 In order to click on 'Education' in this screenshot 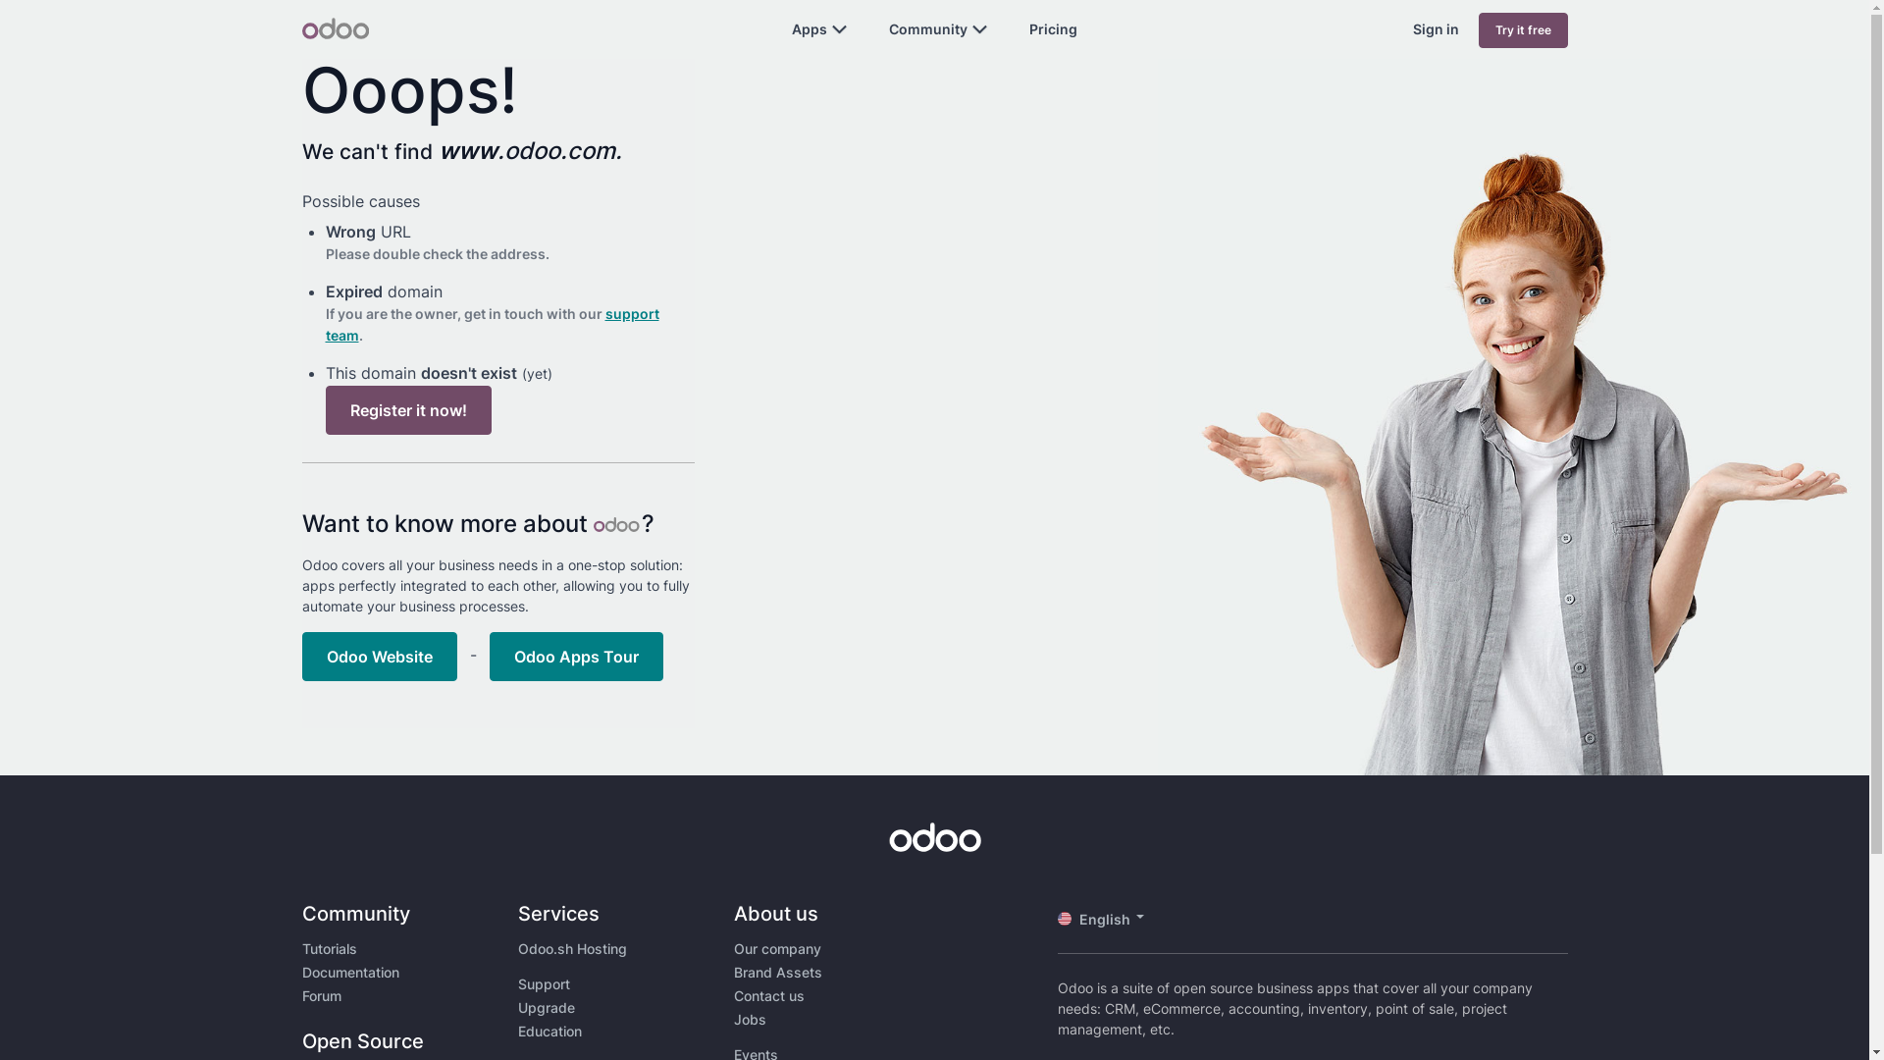, I will do `click(549, 1030)`.